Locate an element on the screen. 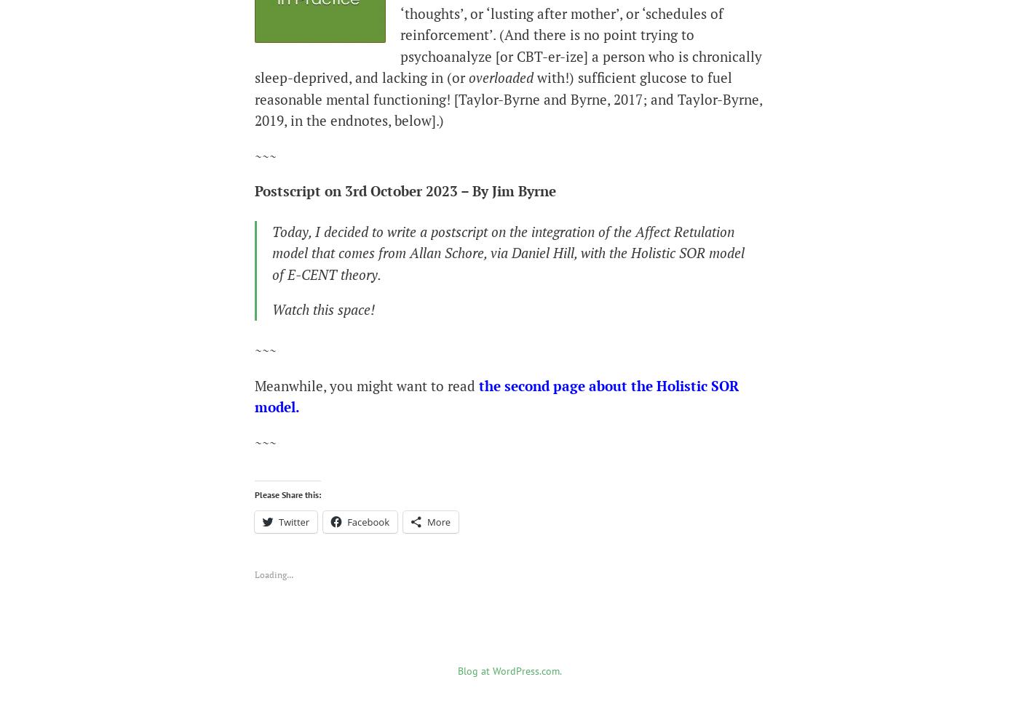 The image size is (1019, 706). 'Twitter' is located at coordinates (294, 520).